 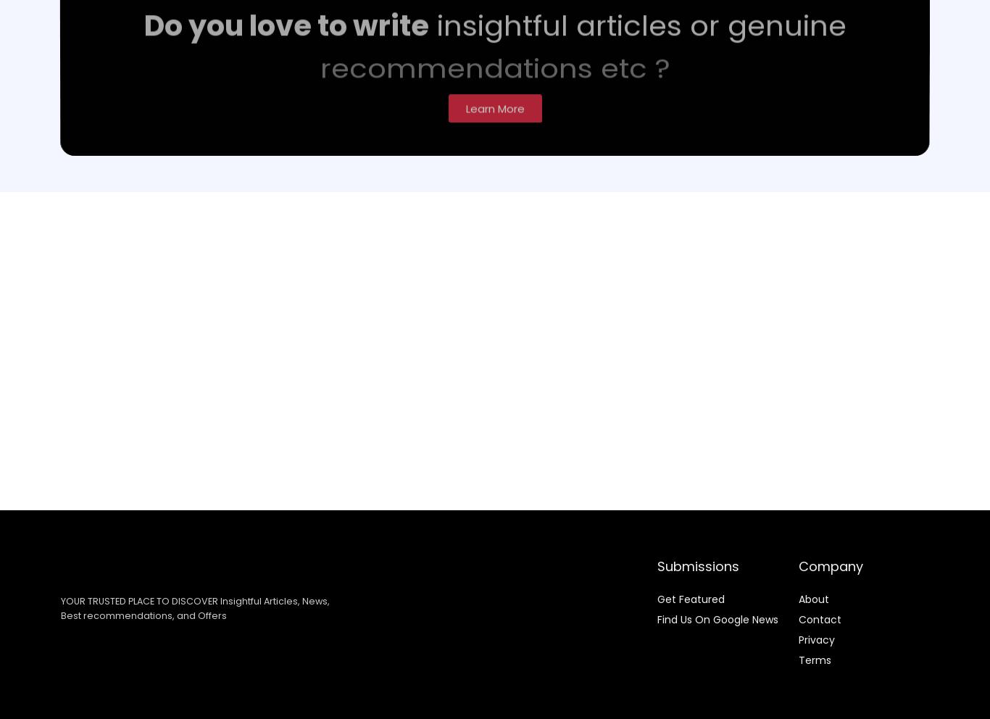 I want to click on 'Get Featured', so click(x=691, y=599).